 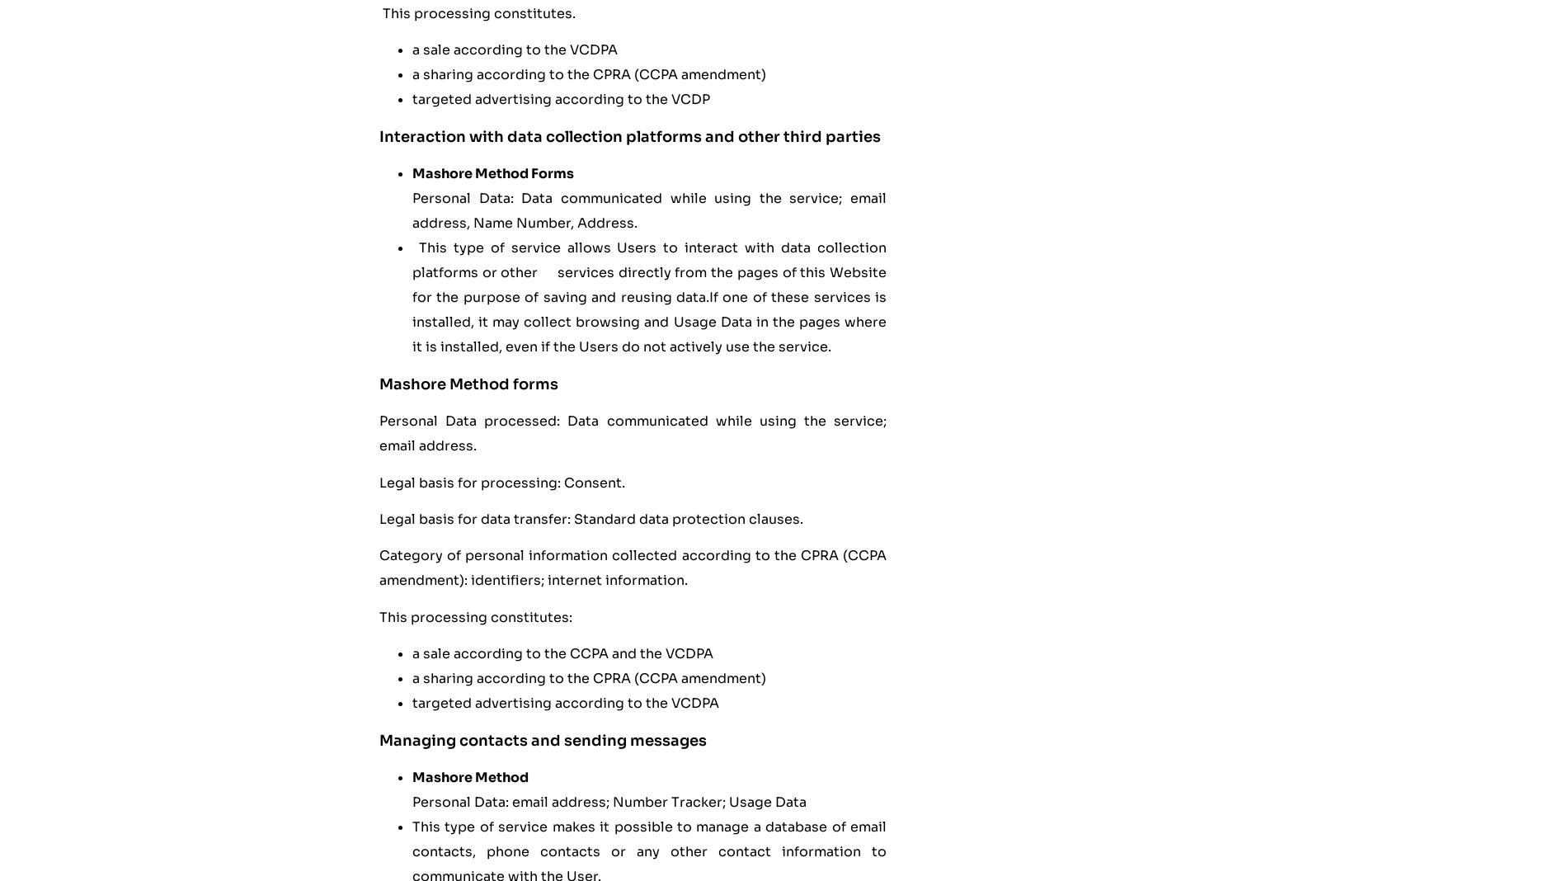 I want to click on 'Personal Data processed: Data communicated while using the service; email address.', so click(x=378, y=433).